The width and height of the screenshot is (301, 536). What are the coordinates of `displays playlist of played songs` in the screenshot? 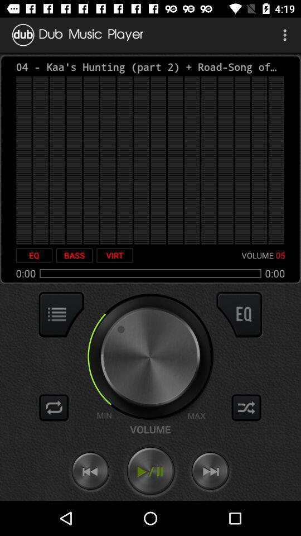 It's located at (61, 314).